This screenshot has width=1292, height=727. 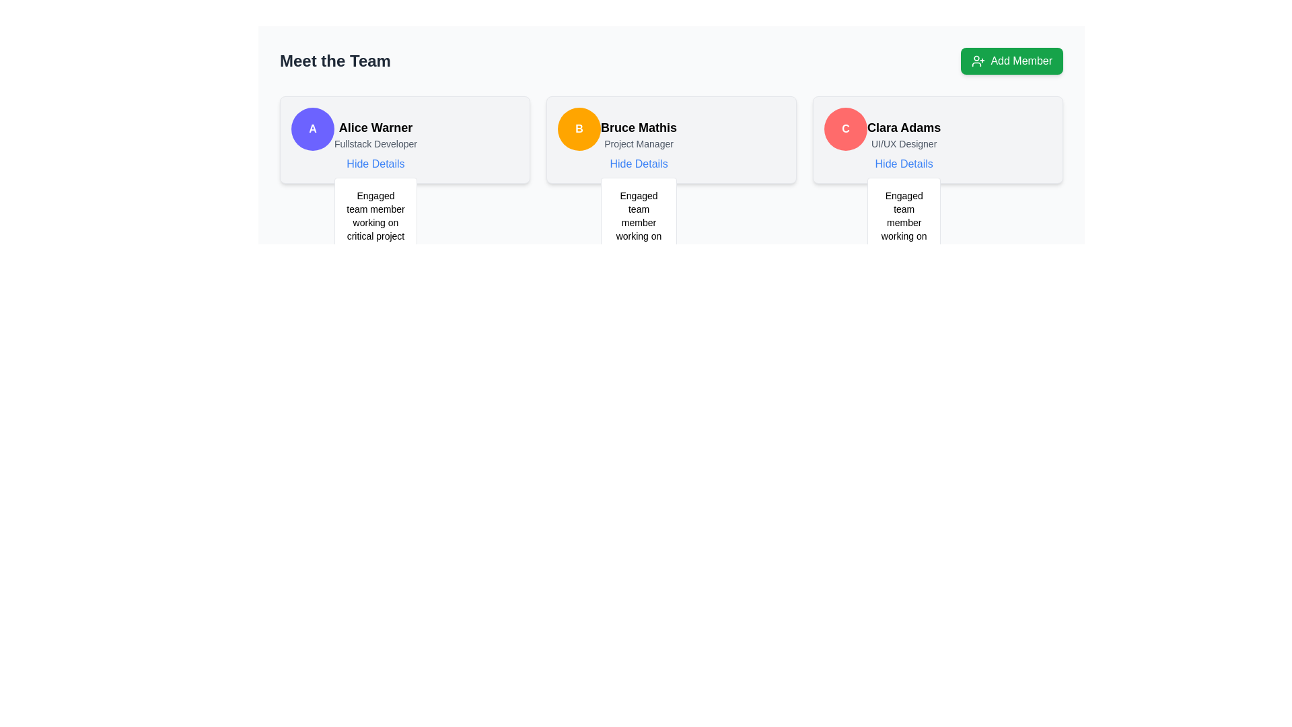 What do you see at coordinates (375, 145) in the screenshot?
I see `the profile information text element that displays details about a team member, which is centered in the first card containing the name and role, positioned below the avatar labeled 'A'` at bounding box center [375, 145].